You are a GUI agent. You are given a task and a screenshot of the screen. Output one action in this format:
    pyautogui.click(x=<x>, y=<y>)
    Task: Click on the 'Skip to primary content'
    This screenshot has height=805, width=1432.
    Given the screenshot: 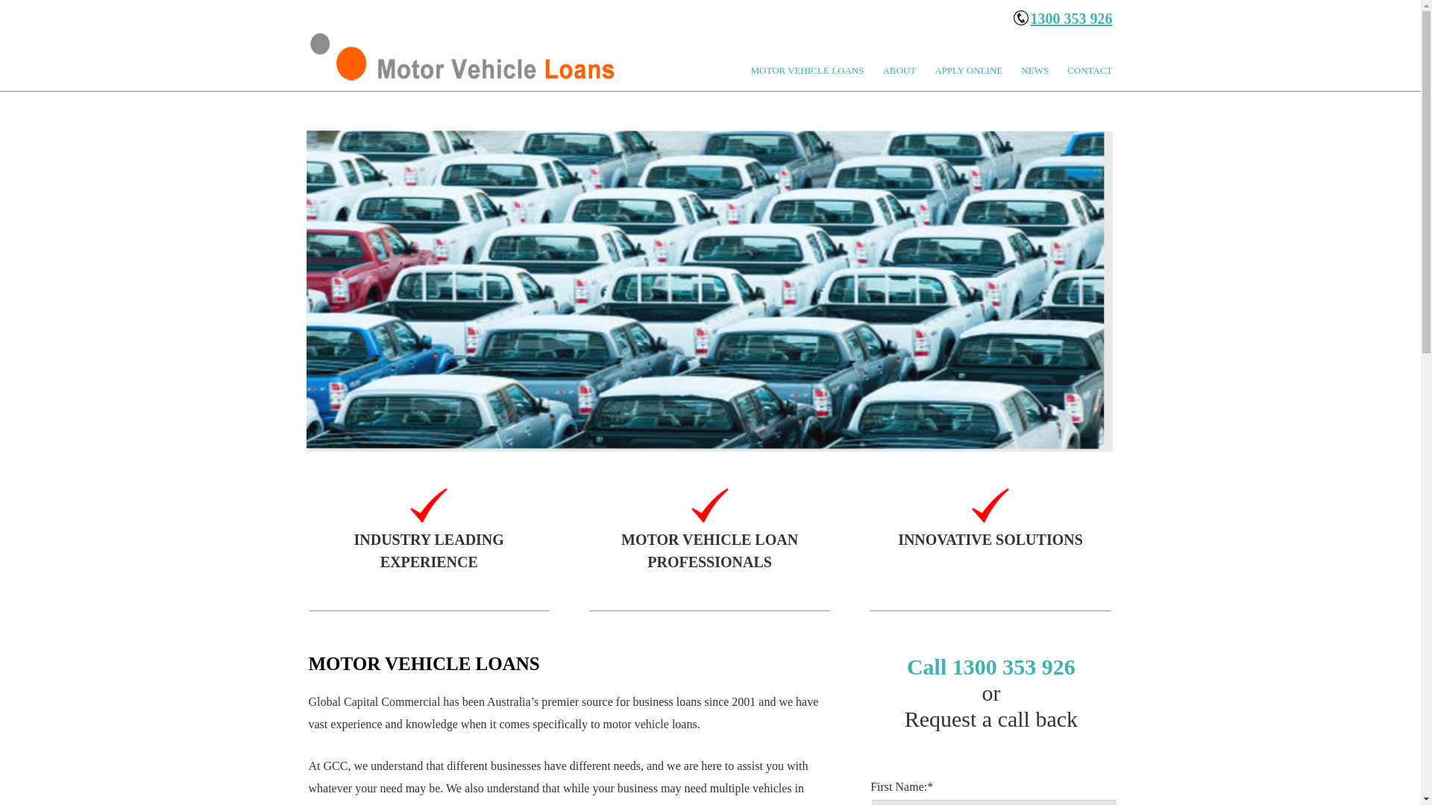 What is the action you would take?
    pyautogui.click(x=680, y=71)
    